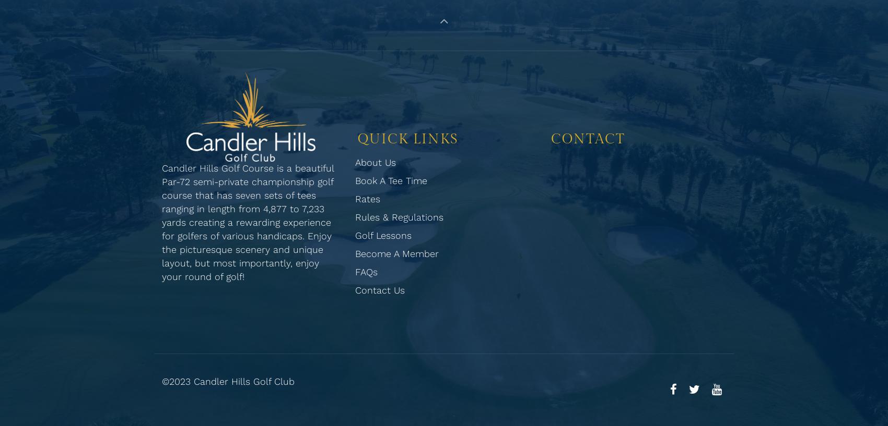  I want to click on 'Golf Lessons', so click(383, 235).